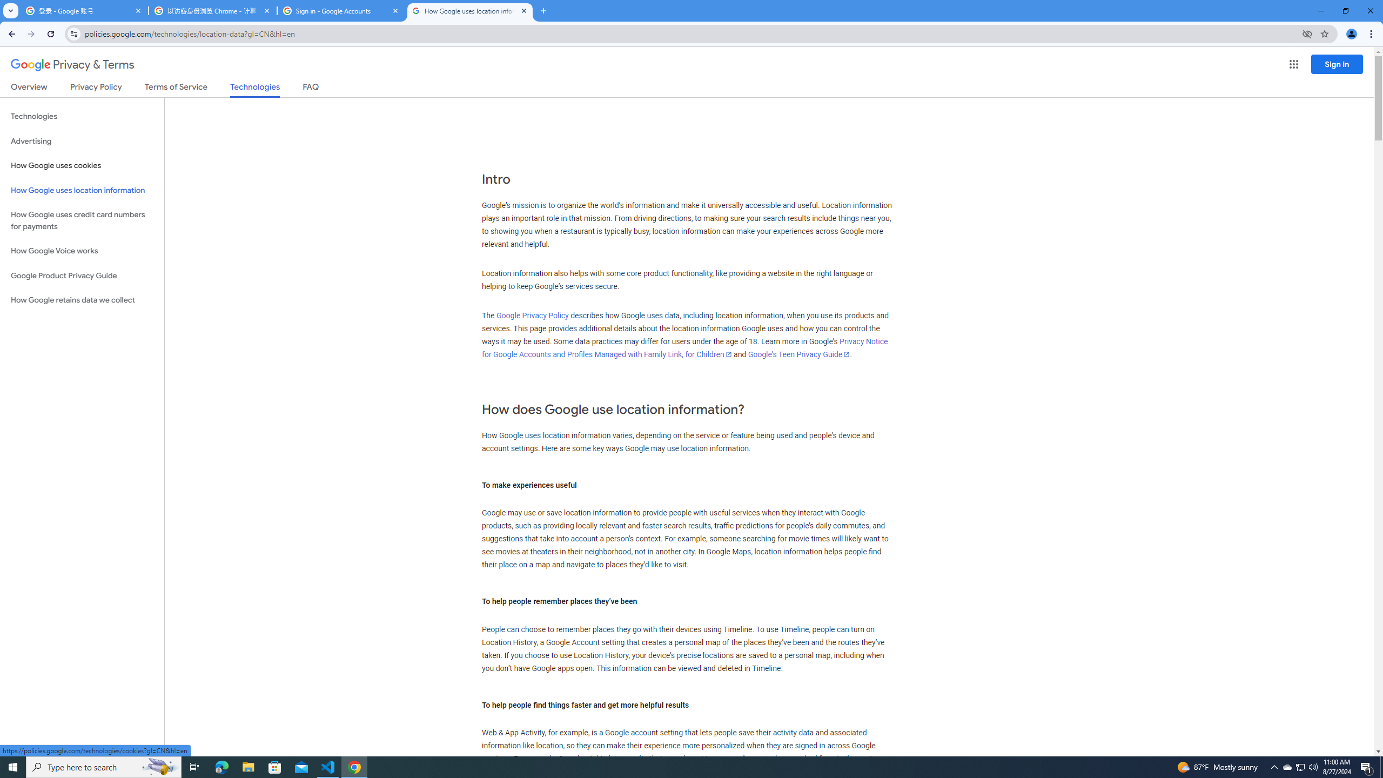 Image resolution: width=1383 pixels, height=778 pixels. What do you see at coordinates (82, 275) in the screenshot?
I see `'Google Product Privacy Guide'` at bounding box center [82, 275].